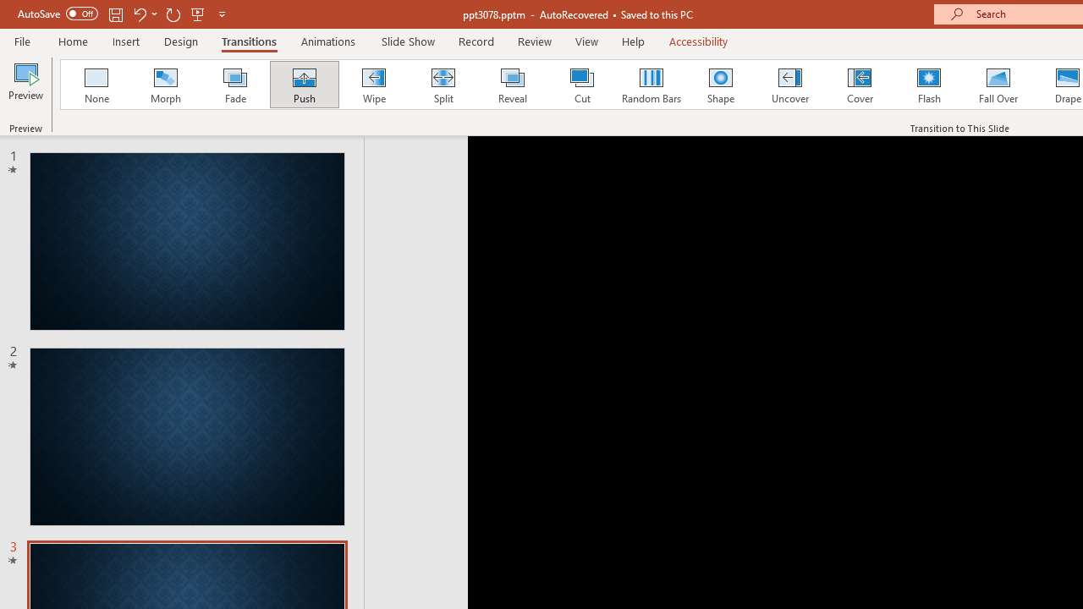 The height and width of the screenshot is (609, 1083). I want to click on 'Flash', so click(928, 85).